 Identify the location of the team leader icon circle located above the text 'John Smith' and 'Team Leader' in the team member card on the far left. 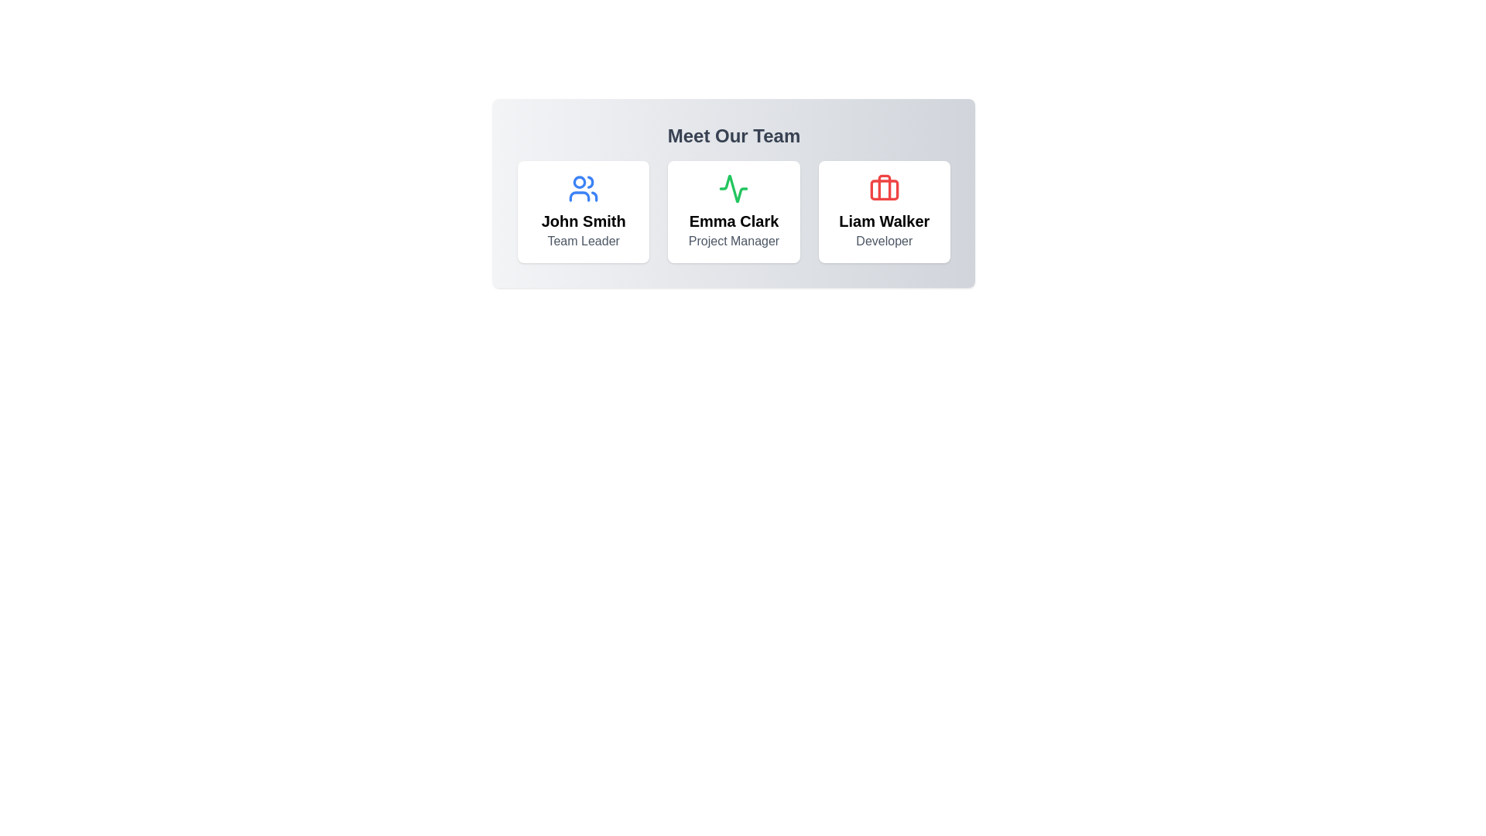
(579, 181).